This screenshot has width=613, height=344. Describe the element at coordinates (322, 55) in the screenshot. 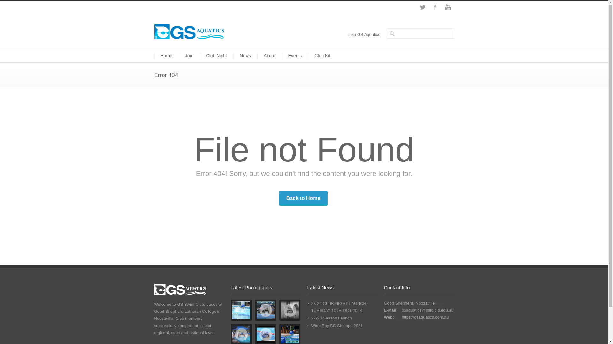

I see `'Club Kit'` at that location.